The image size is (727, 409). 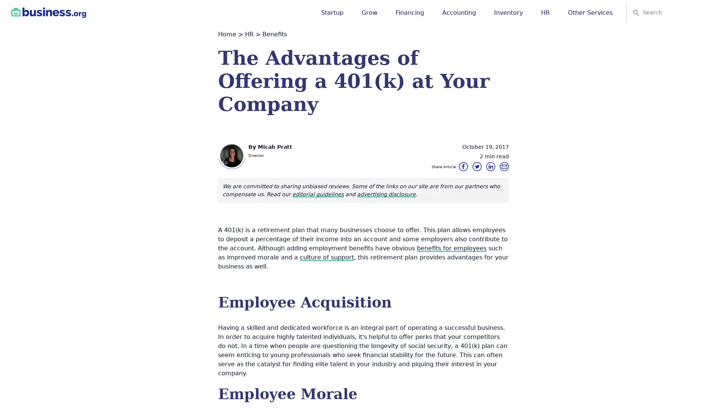 I want to click on Social Linkedin O Dark, so click(x=491, y=166).